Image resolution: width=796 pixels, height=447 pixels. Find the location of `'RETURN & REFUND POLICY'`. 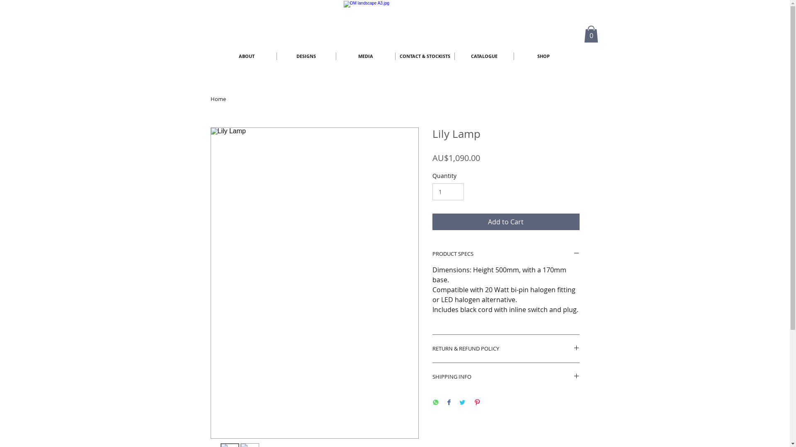

'RETURN & REFUND POLICY' is located at coordinates (505, 348).